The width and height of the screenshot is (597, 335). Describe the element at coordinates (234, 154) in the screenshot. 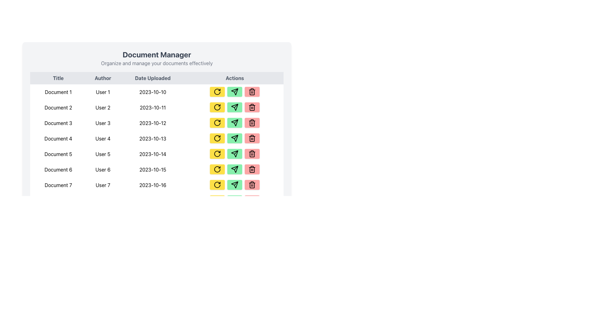

I see `the paper plane icon with a green background and black outline located in the 'Actions' column of the fifth row` at that location.